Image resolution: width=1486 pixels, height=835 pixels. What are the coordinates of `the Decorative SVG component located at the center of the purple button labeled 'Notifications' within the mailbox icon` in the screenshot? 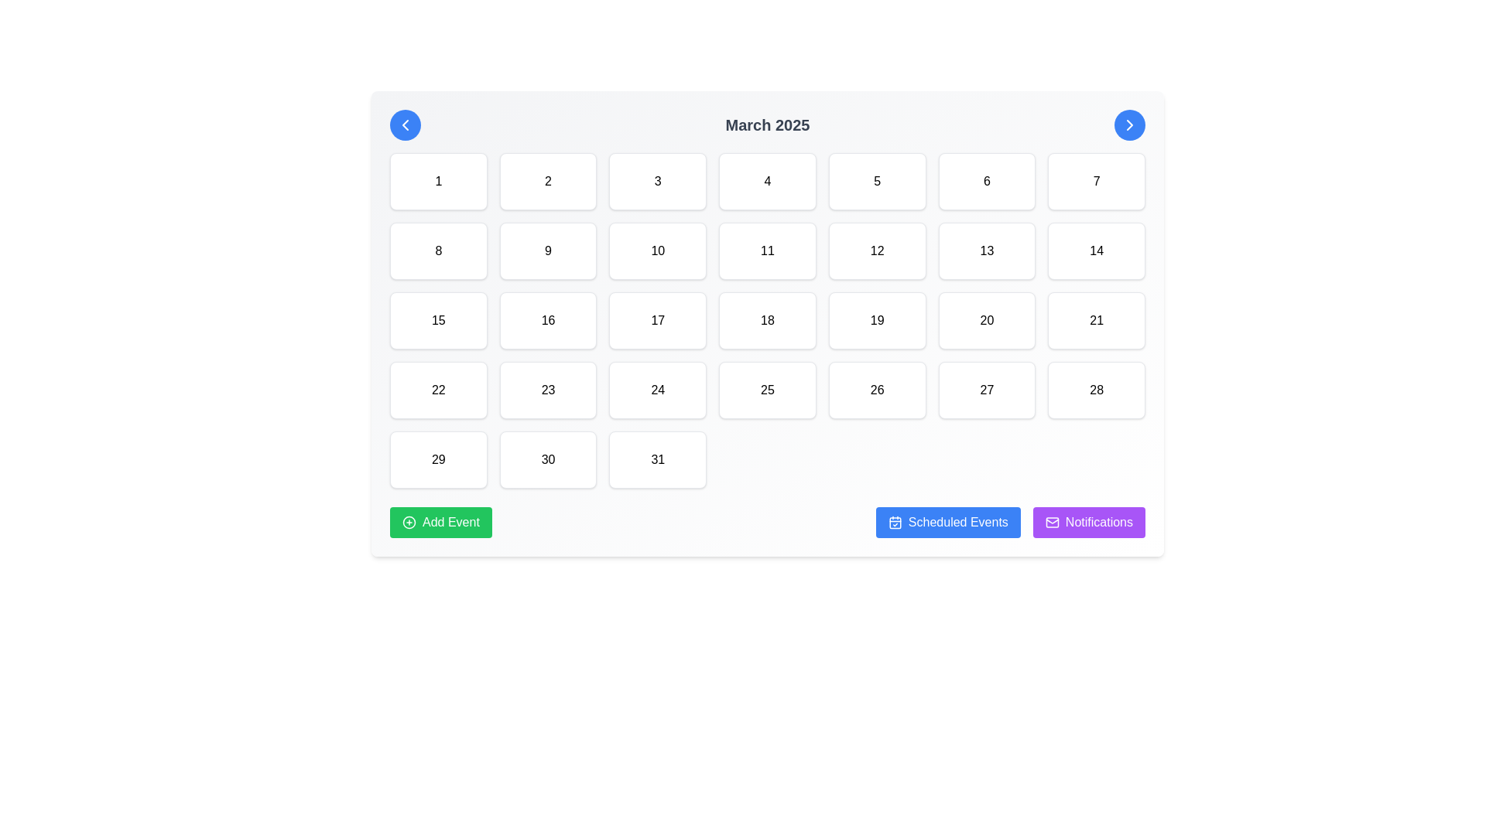 It's located at (1052, 522).